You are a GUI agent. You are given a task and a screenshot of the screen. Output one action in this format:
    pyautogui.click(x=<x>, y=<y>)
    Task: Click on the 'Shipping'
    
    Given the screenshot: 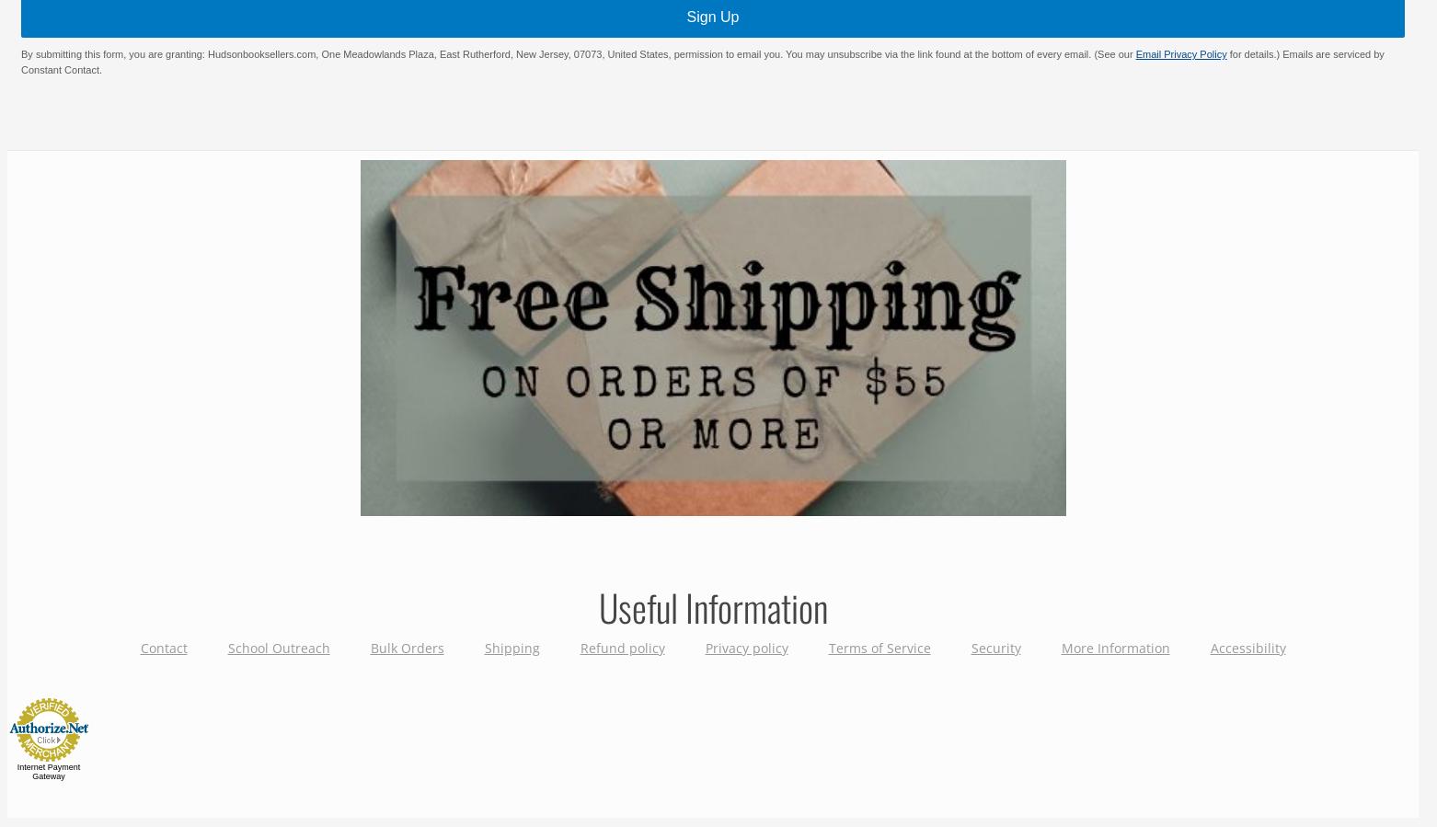 What is the action you would take?
    pyautogui.click(x=512, y=646)
    